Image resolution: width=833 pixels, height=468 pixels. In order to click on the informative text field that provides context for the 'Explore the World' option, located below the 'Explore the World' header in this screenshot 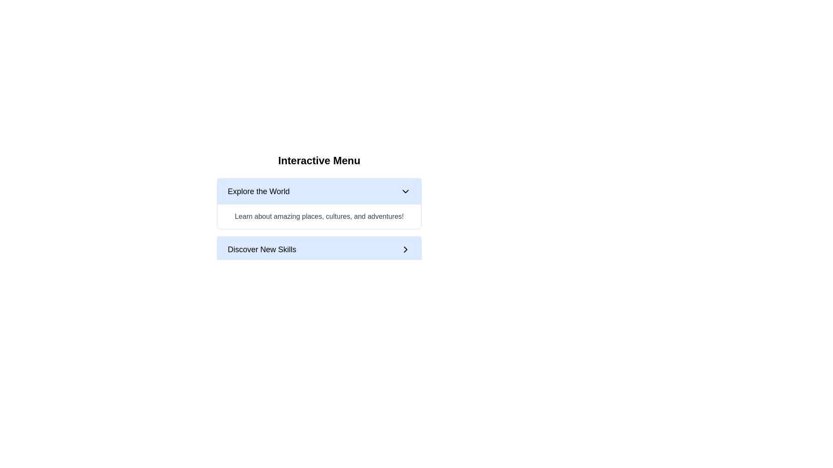, I will do `click(318, 216)`.